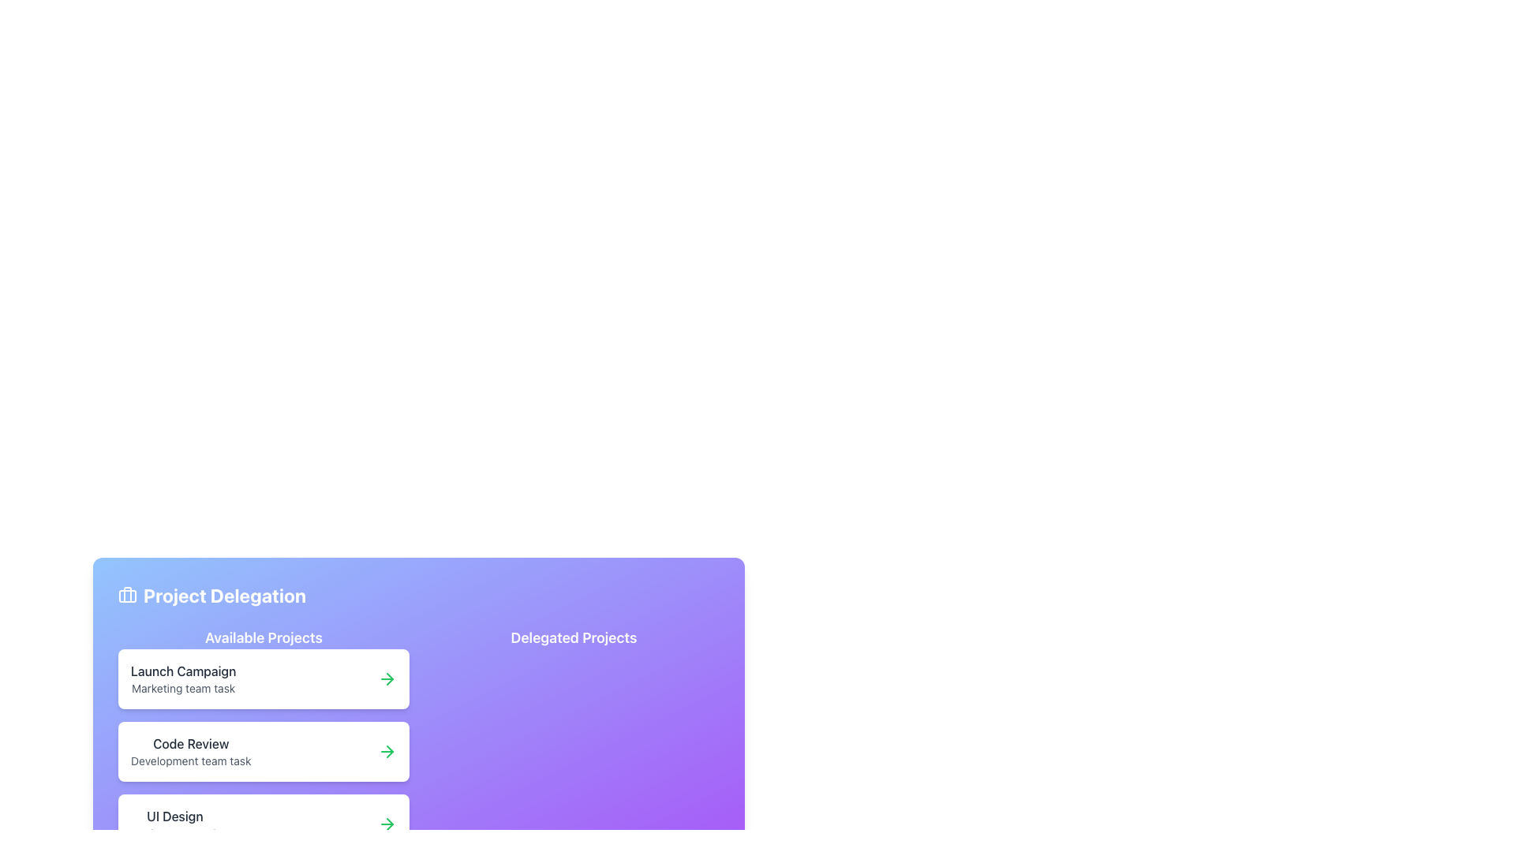 This screenshot has width=1515, height=852. Describe the element at coordinates (183, 671) in the screenshot. I see `text label 'Launch Campaign' which is bold and dark colored, located in the first card under the 'Available Projects' section` at that location.